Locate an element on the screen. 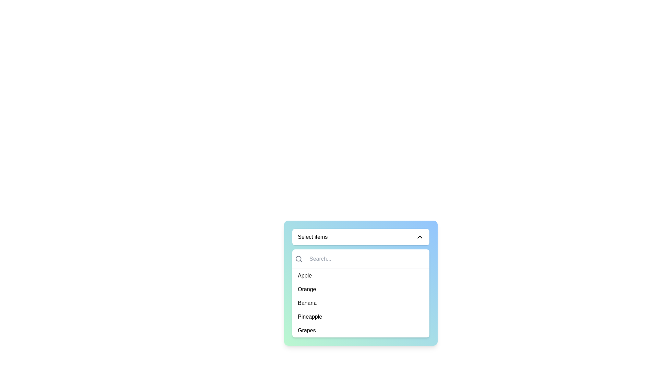  the 'Orange' text label, which is the second item in the dropdown menu is located at coordinates (306, 289).